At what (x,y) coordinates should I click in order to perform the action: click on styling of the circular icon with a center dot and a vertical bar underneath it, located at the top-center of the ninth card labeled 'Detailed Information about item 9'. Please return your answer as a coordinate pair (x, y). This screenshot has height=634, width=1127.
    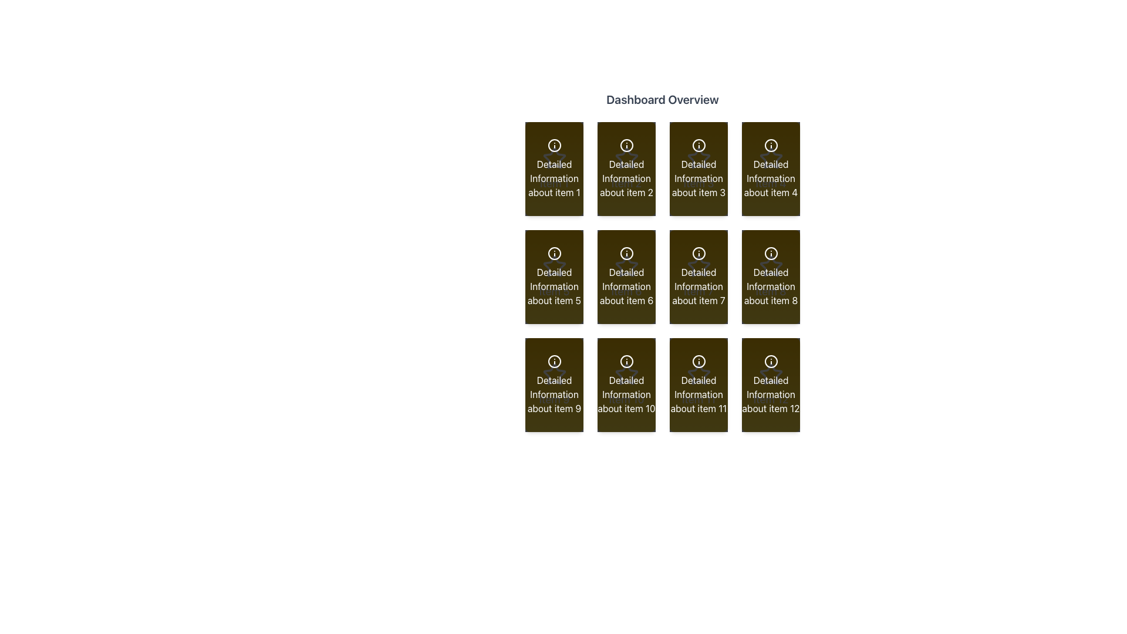
    Looking at the image, I should click on (554, 361).